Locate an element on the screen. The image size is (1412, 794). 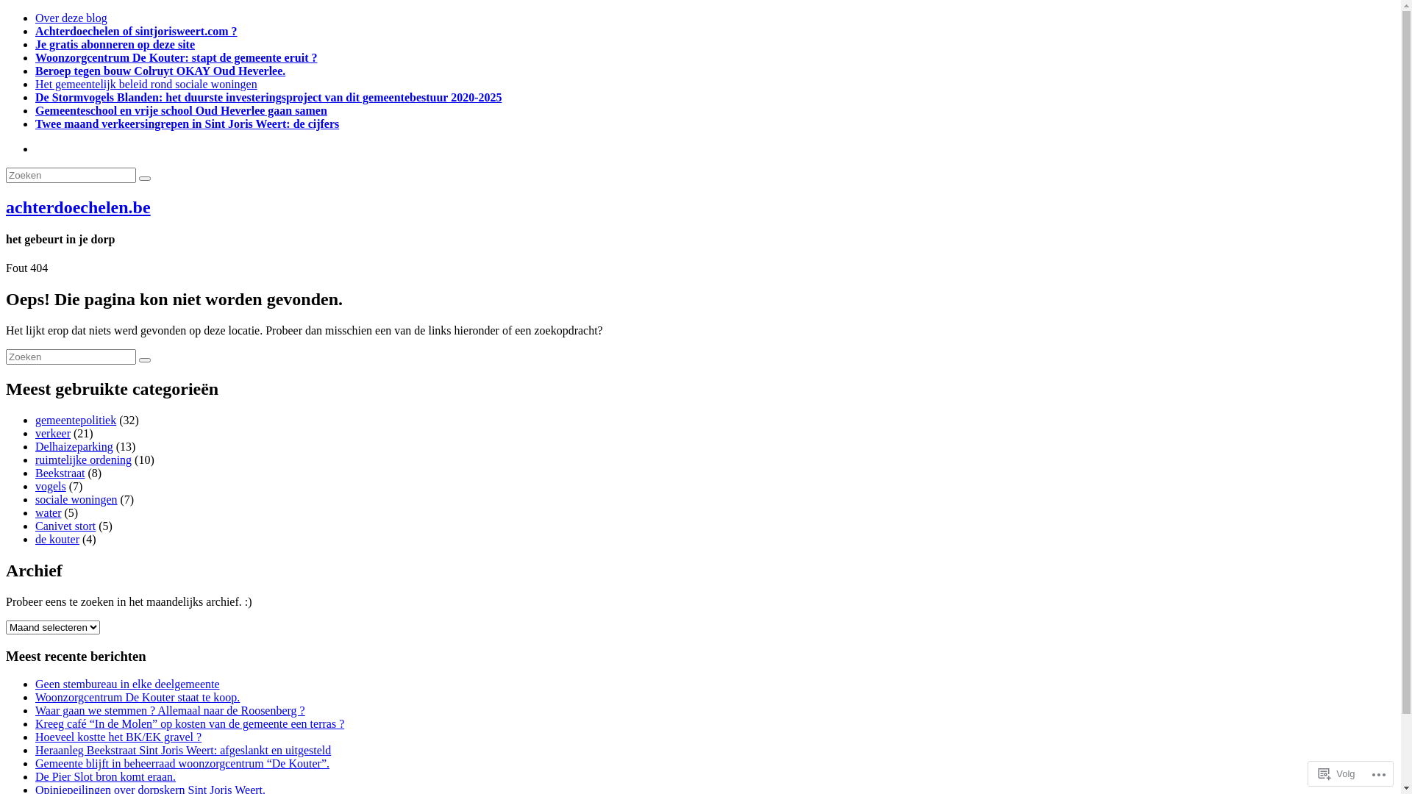
'Woonzorgcentrum De Kouter staat te koop.' is located at coordinates (138, 696).